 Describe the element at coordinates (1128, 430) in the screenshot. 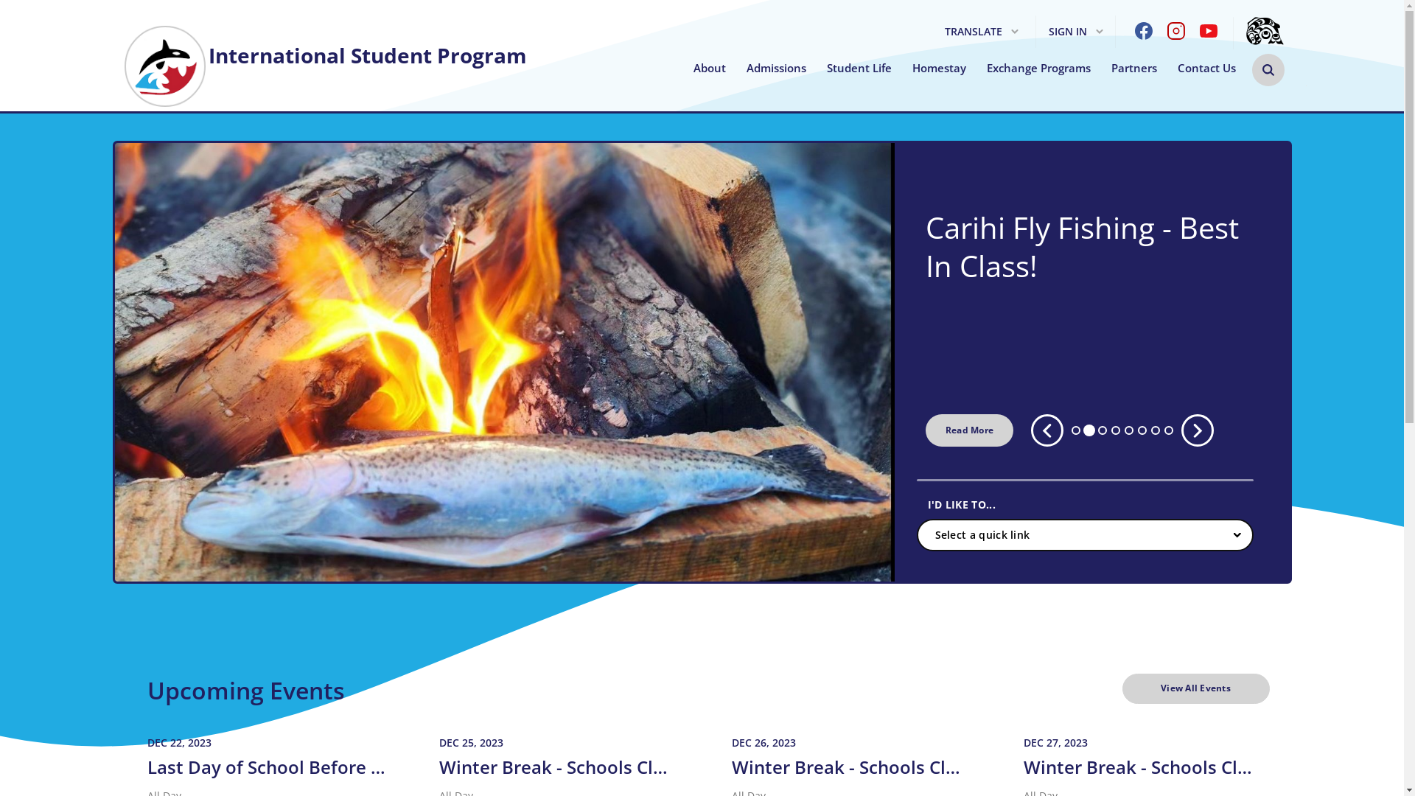

I see `'5'` at that location.